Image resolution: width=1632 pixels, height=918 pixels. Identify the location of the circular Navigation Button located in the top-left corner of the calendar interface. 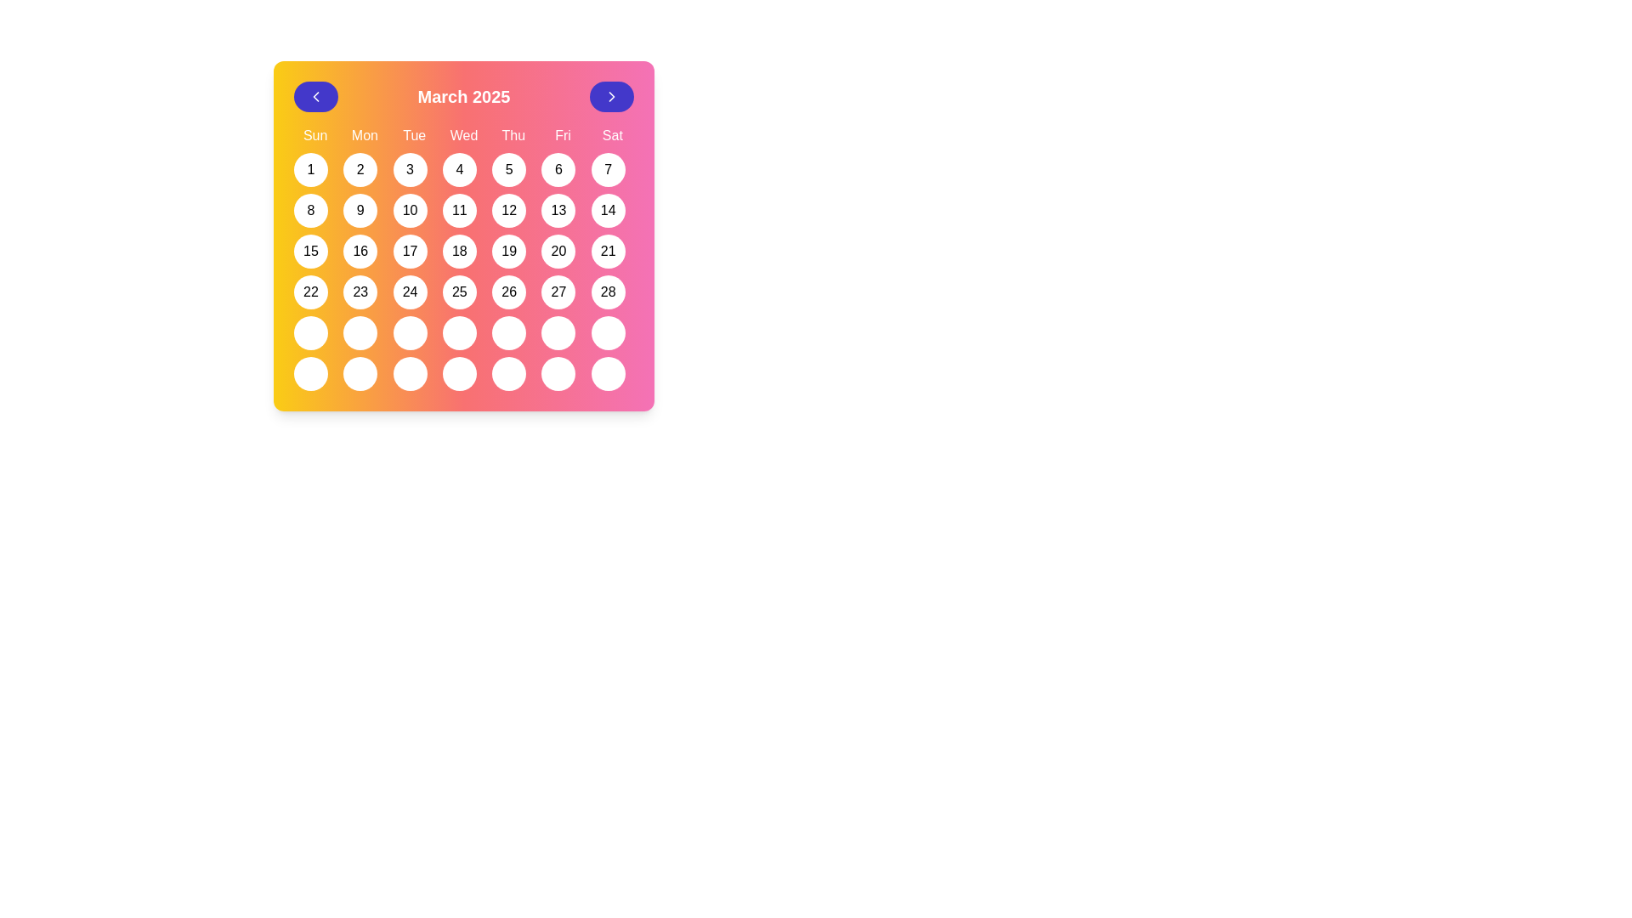
(316, 97).